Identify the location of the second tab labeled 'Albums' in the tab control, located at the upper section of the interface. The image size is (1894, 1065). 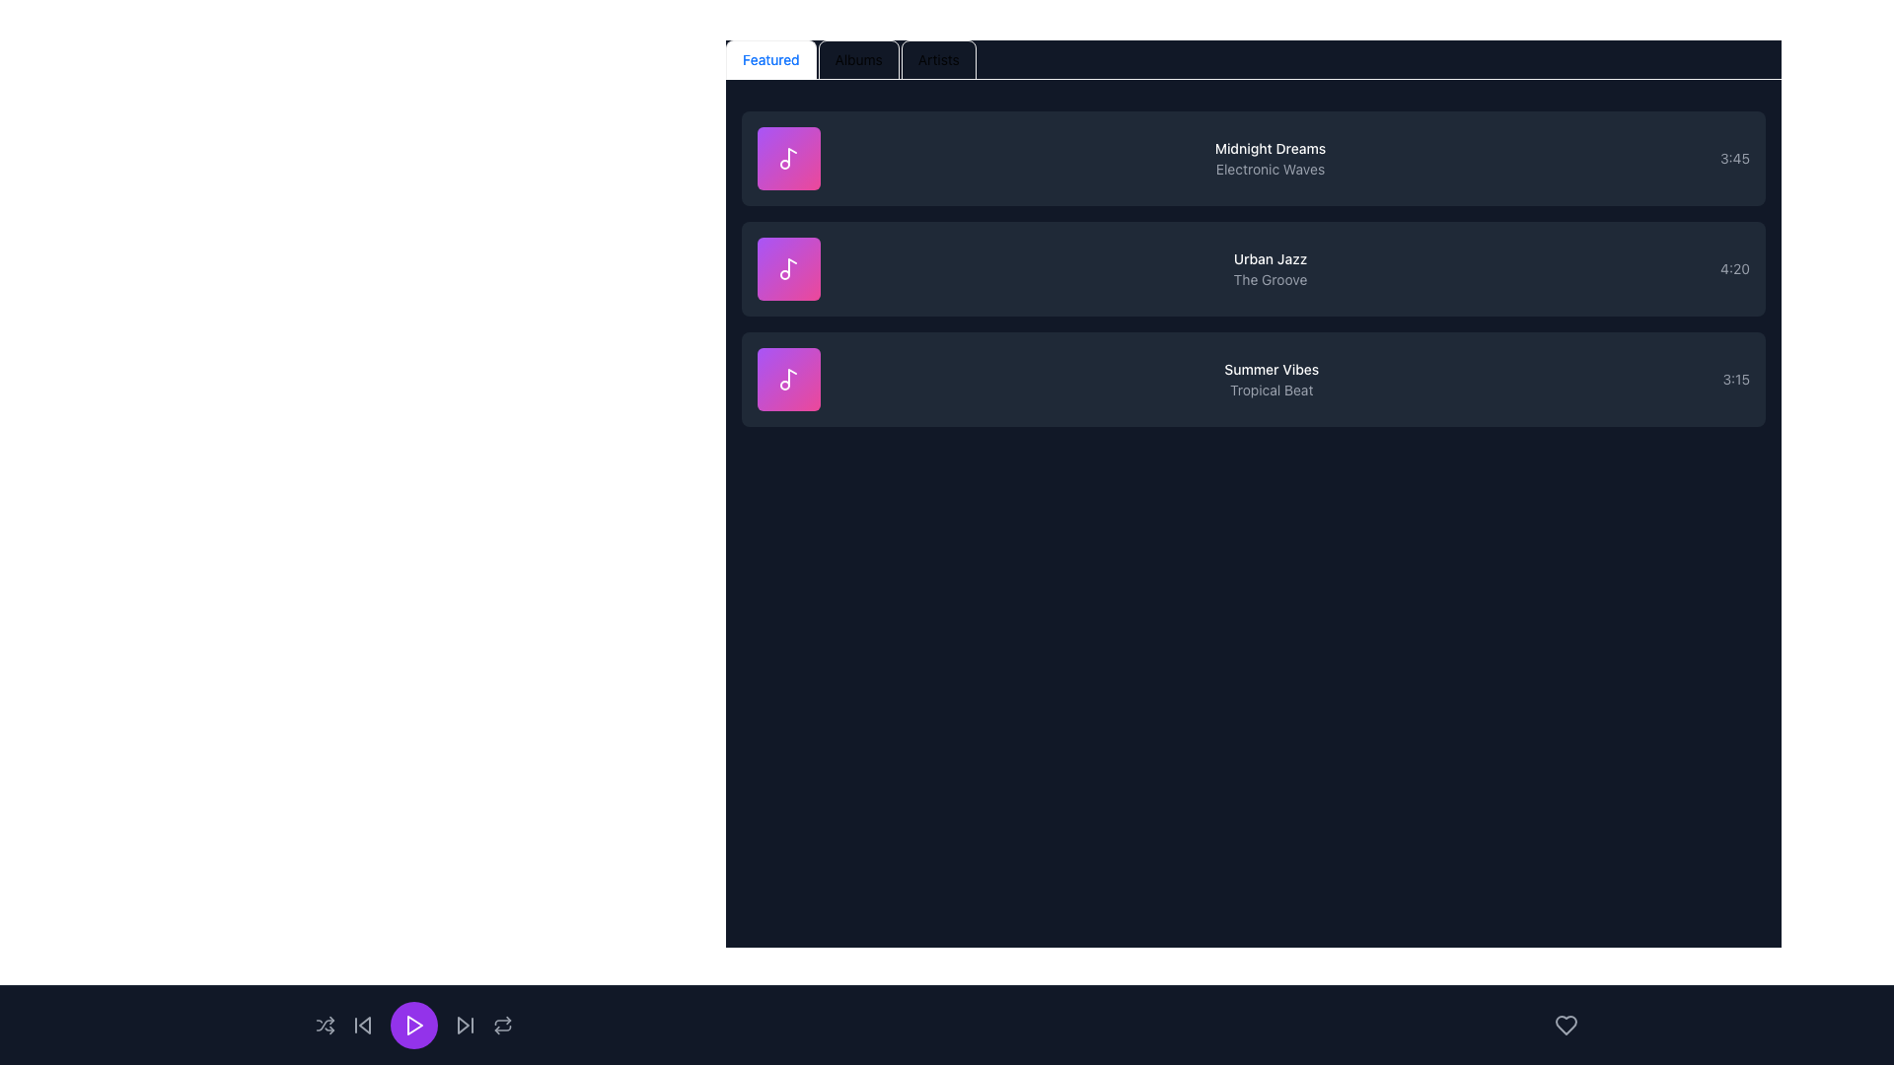
(858, 59).